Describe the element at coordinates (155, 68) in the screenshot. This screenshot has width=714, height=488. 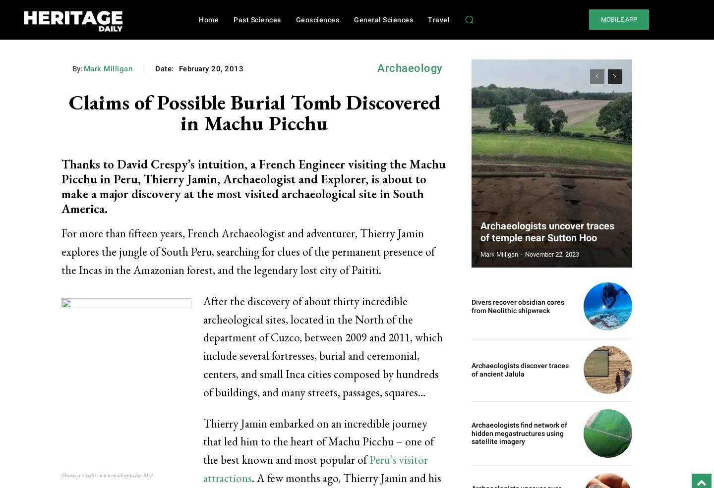
I see `'Date:'` at that location.